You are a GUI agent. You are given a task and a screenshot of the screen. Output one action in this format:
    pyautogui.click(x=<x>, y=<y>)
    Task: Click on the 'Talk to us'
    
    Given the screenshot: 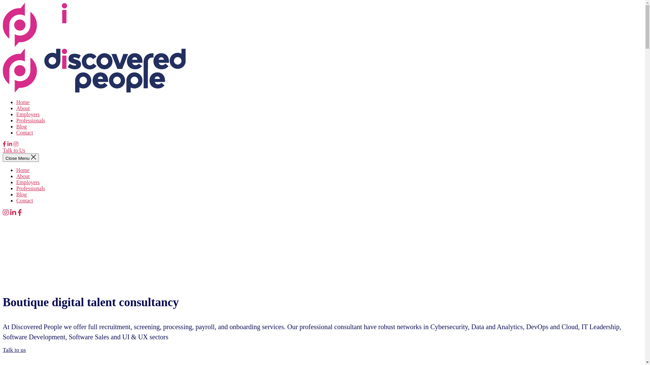 What is the action you would take?
    pyautogui.click(x=3, y=350)
    